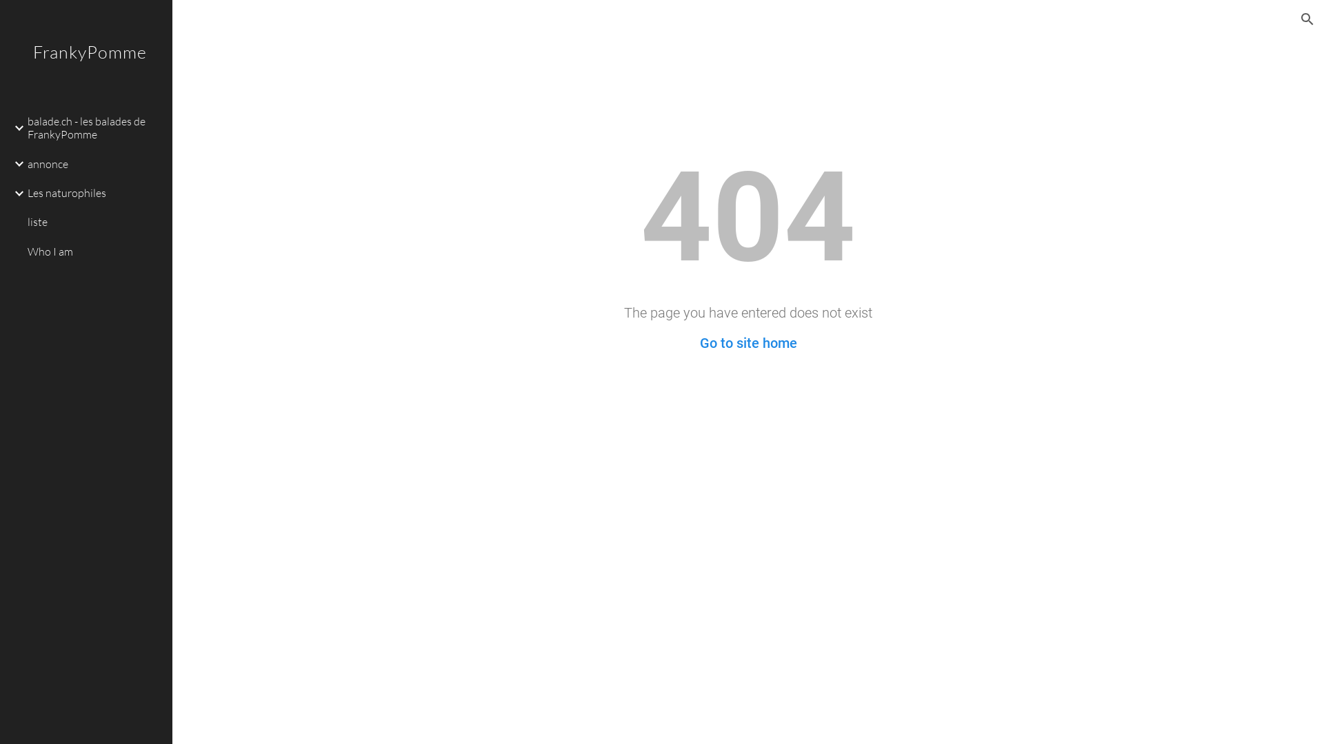 The width and height of the screenshot is (1324, 744). What do you see at coordinates (15, 194) in the screenshot?
I see `'Expand/Collapse'` at bounding box center [15, 194].